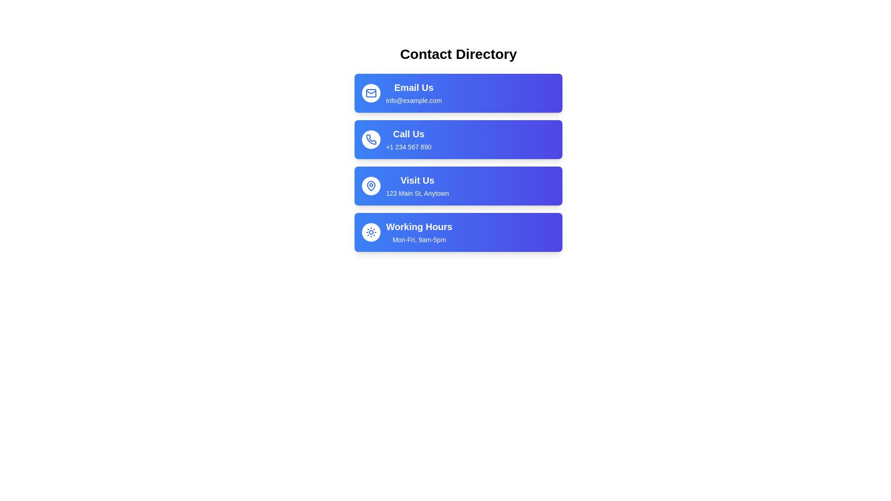 The height and width of the screenshot is (501, 891). I want to click on the second Card element in the 'Contact Directory' section that provides contact information for phone communication, so click(458, 139).